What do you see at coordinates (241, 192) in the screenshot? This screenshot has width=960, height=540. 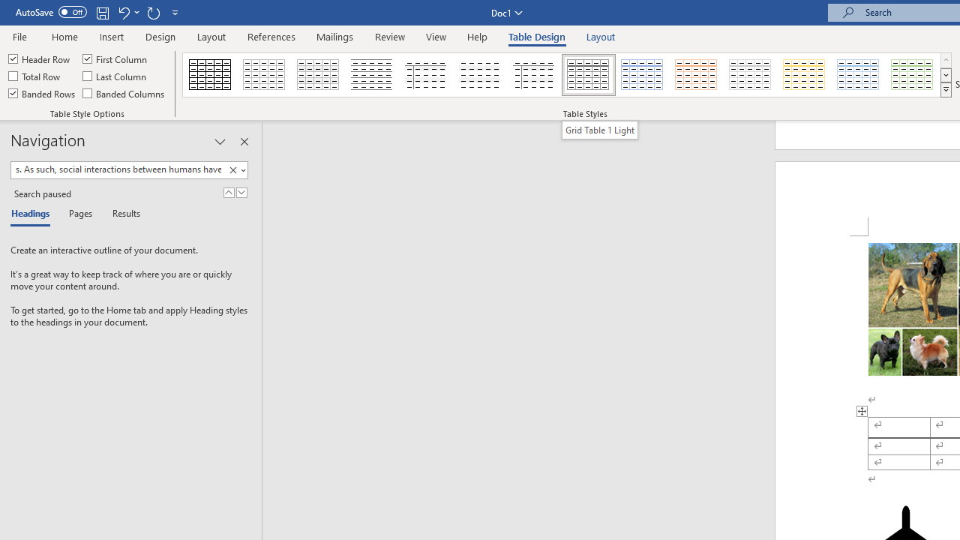 I see `'Next Result'` at bounding box center [241, 192].